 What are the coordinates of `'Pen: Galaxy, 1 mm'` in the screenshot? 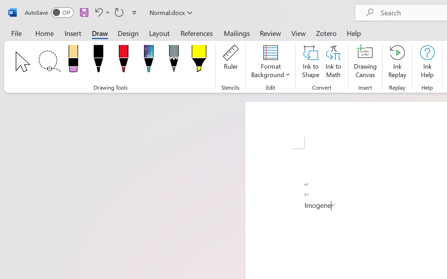 It's located at (148, 60).